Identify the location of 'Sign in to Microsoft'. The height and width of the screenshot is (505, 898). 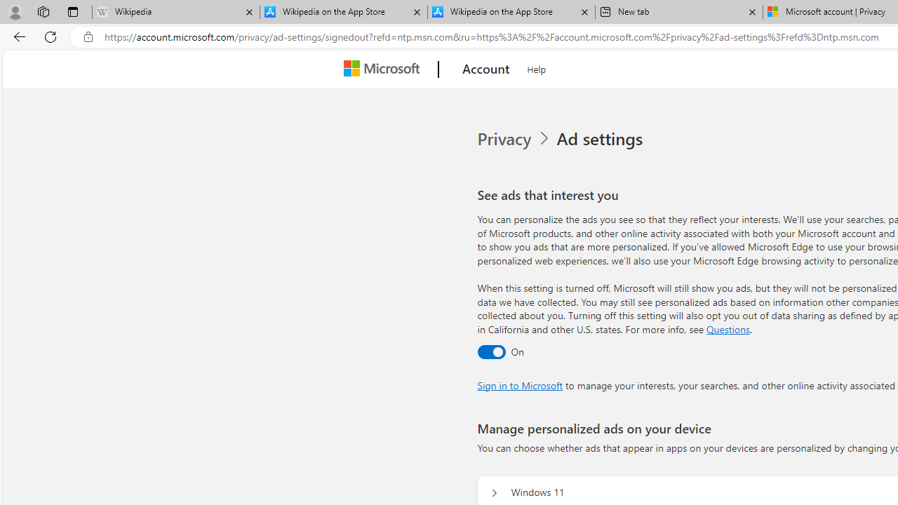
(519, 385).